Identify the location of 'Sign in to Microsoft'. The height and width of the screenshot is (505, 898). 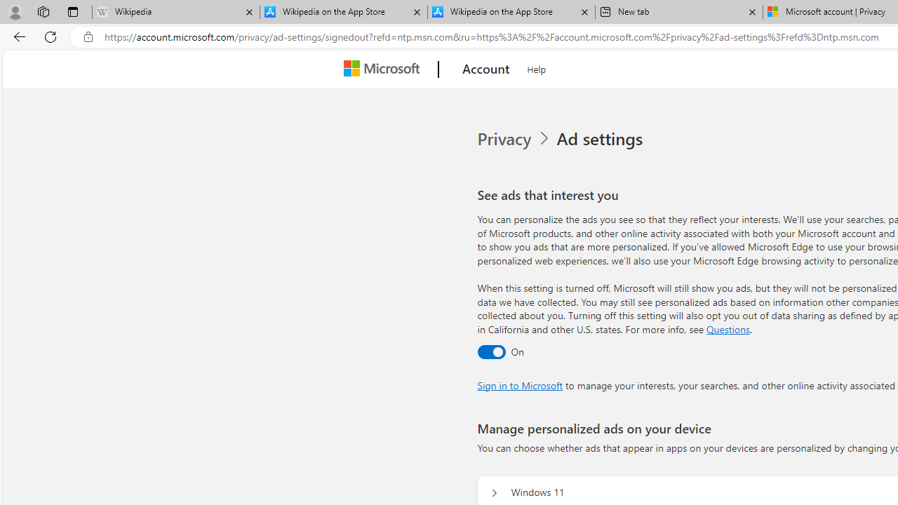
(519, 385).